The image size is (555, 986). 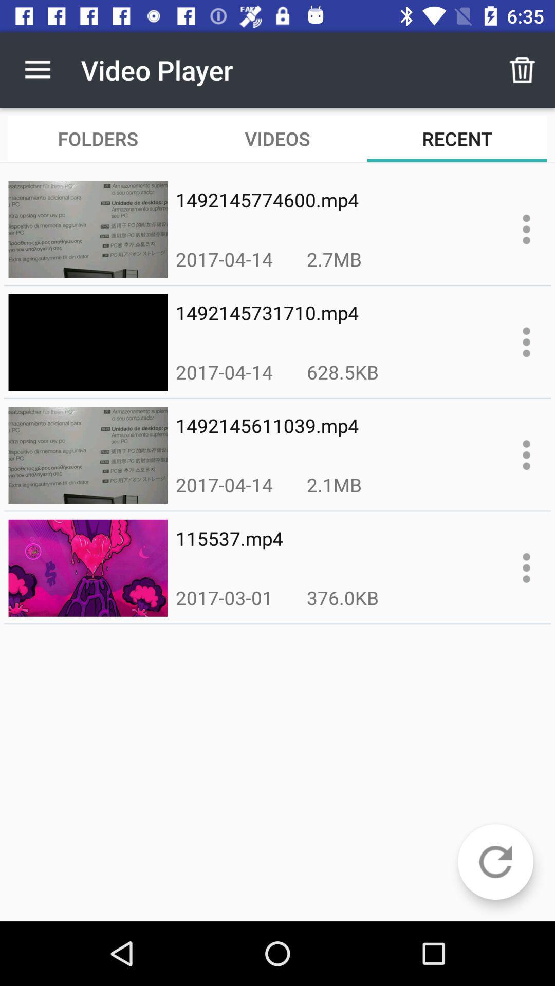 I want to click on icon to the right of video player icon, so click(x=523, y=69).